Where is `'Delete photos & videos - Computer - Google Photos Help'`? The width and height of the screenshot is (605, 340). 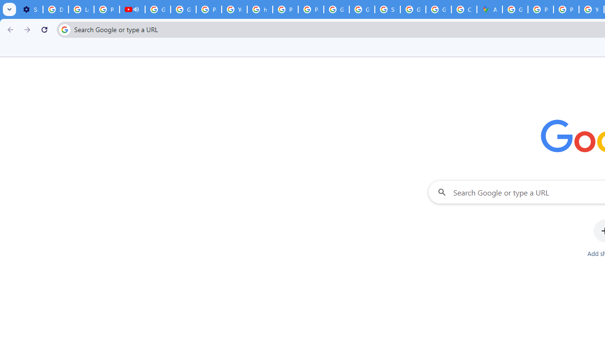 'Delete photos & videos - Computer - Google Photos Help' is located at coordinates (55, 9).